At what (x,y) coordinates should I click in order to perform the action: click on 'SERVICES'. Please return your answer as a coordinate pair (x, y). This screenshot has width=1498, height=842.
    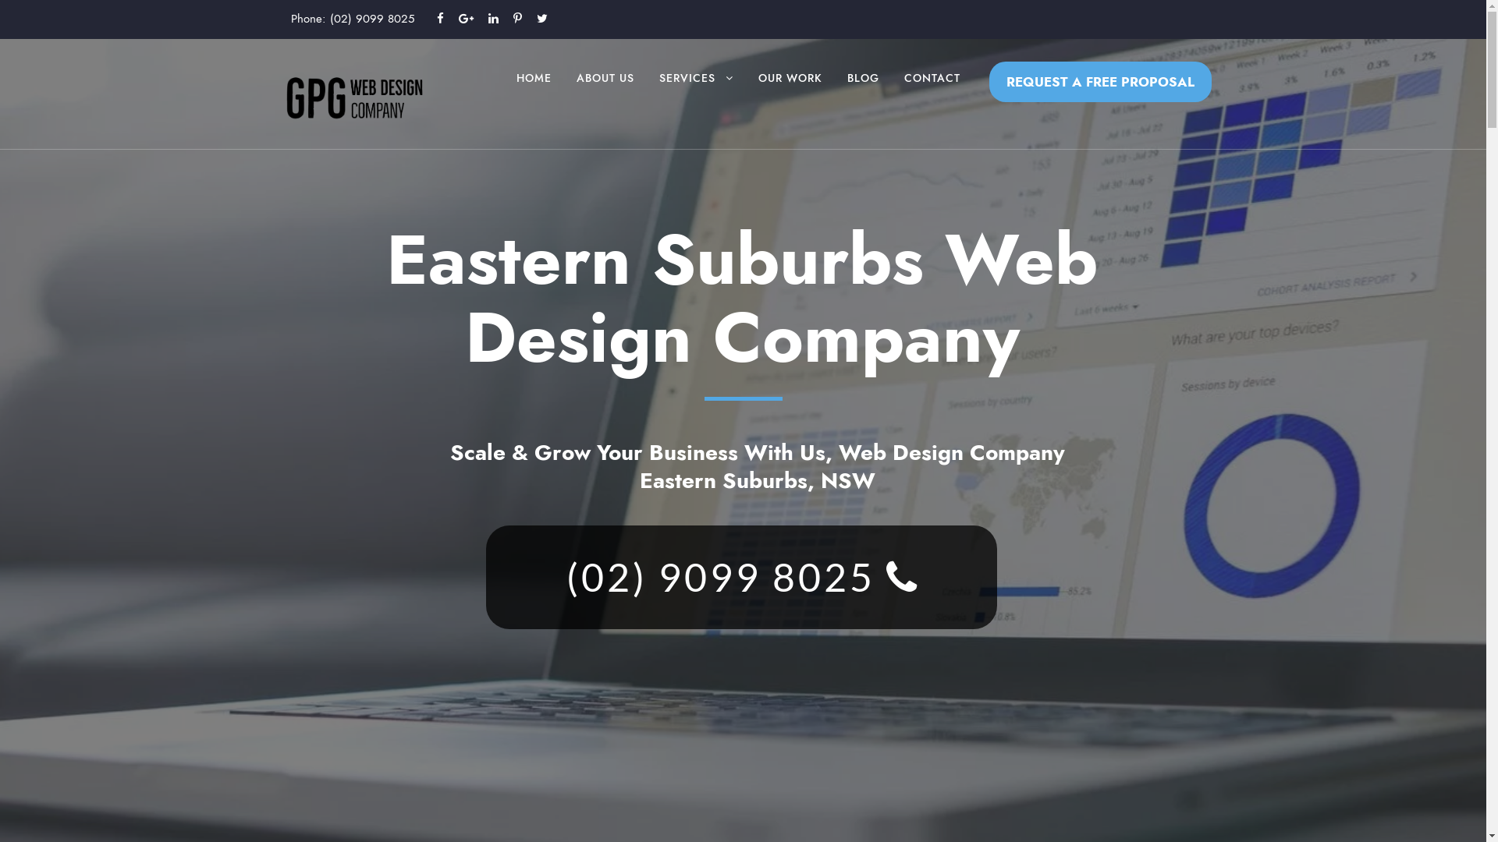
    Looking at the image, I should click on (694, 93).